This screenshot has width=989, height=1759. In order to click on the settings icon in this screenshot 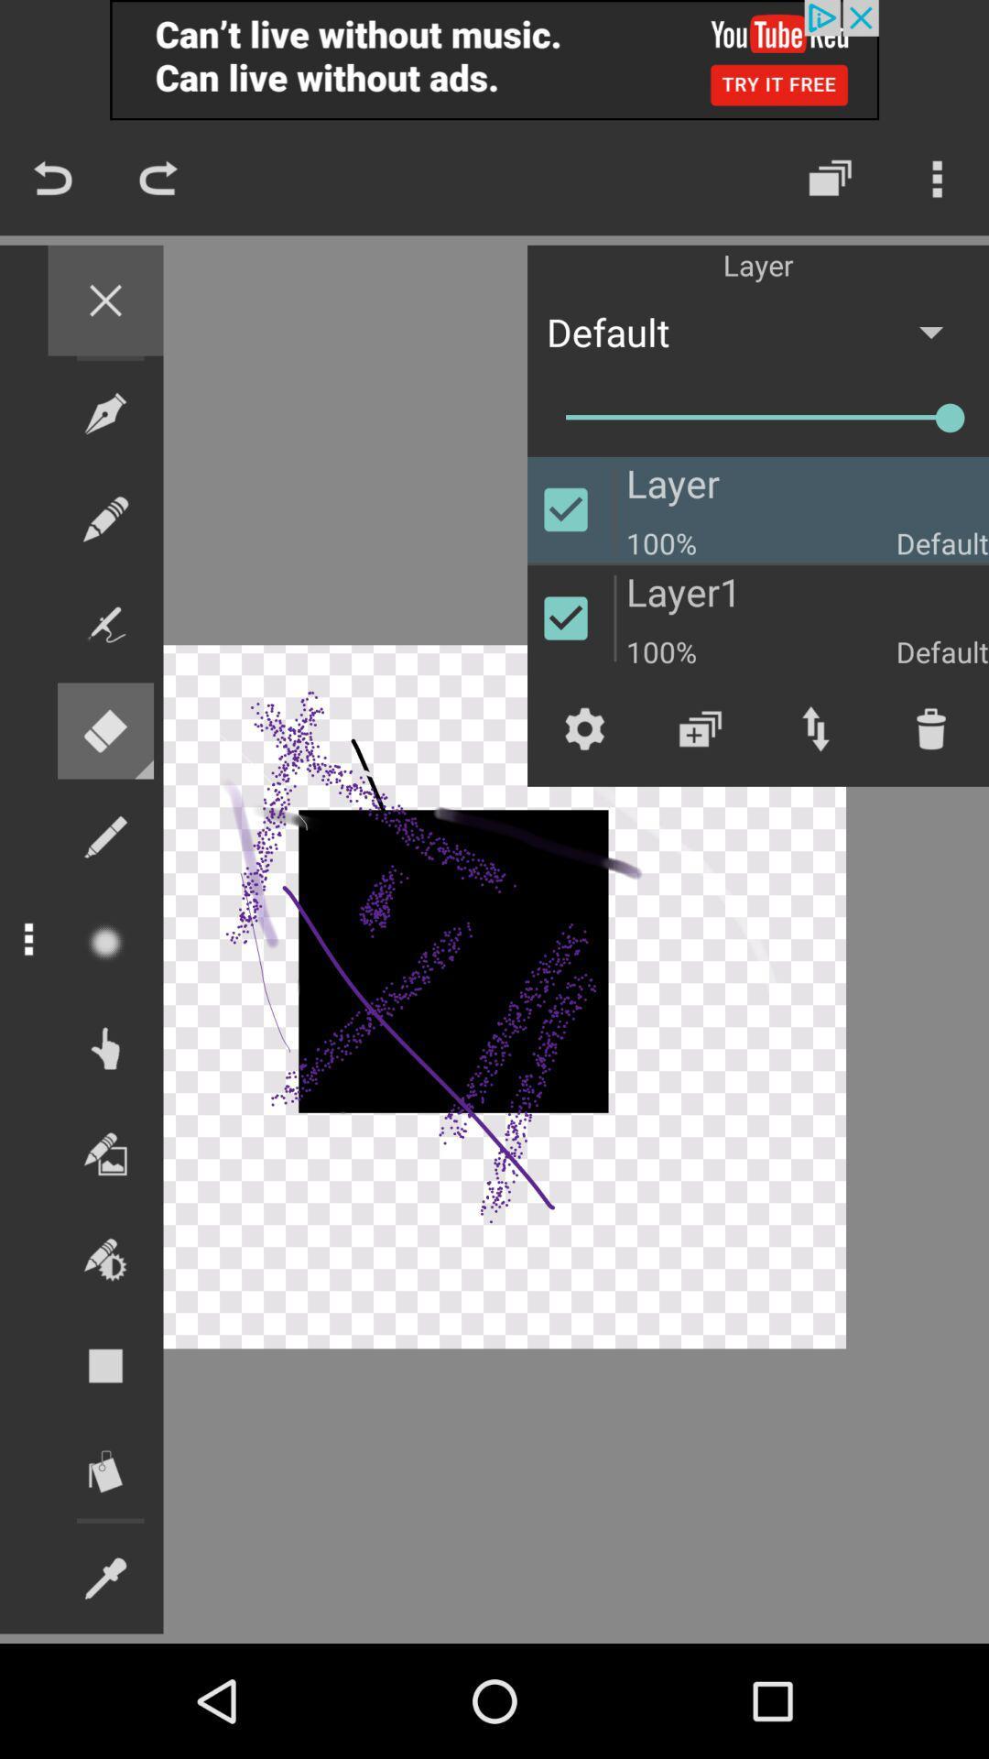, I will do `click(585, 727)`.